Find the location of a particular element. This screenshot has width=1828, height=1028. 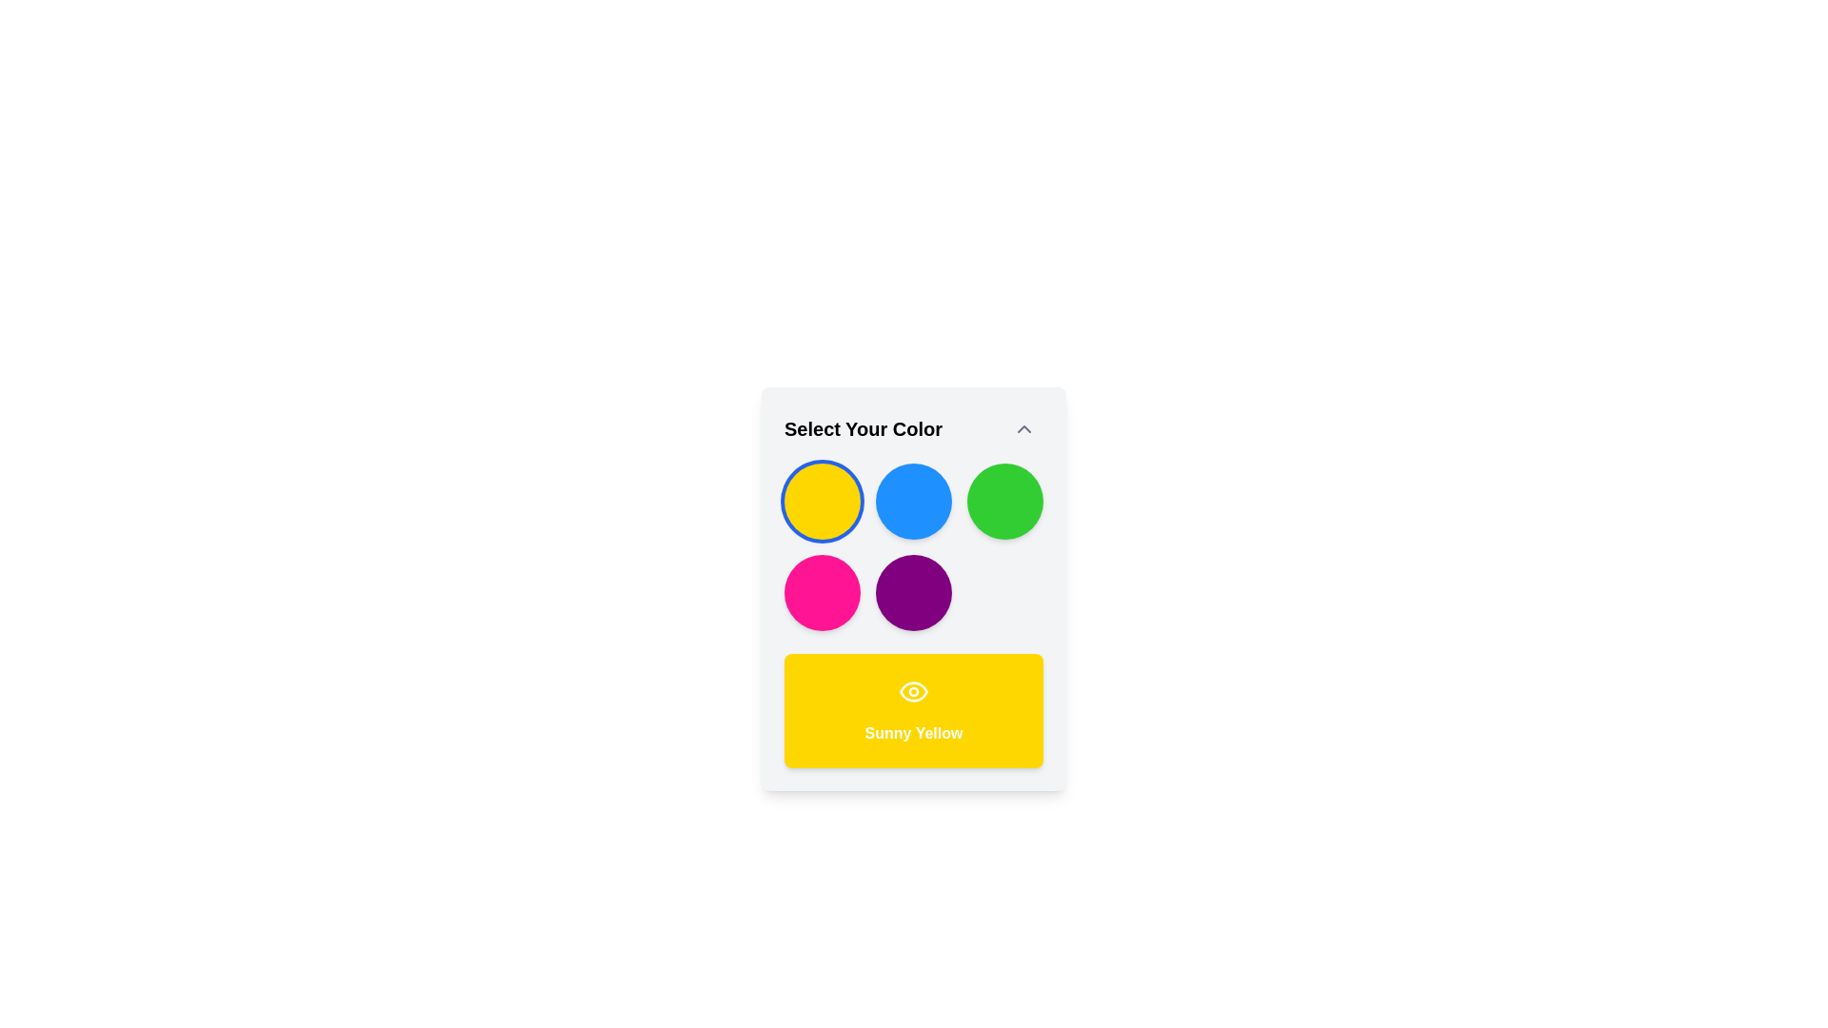

the eye-shaped icon with a yellow background located above the 'Sunny Yellow' text button is located at coordinates (914, 691).